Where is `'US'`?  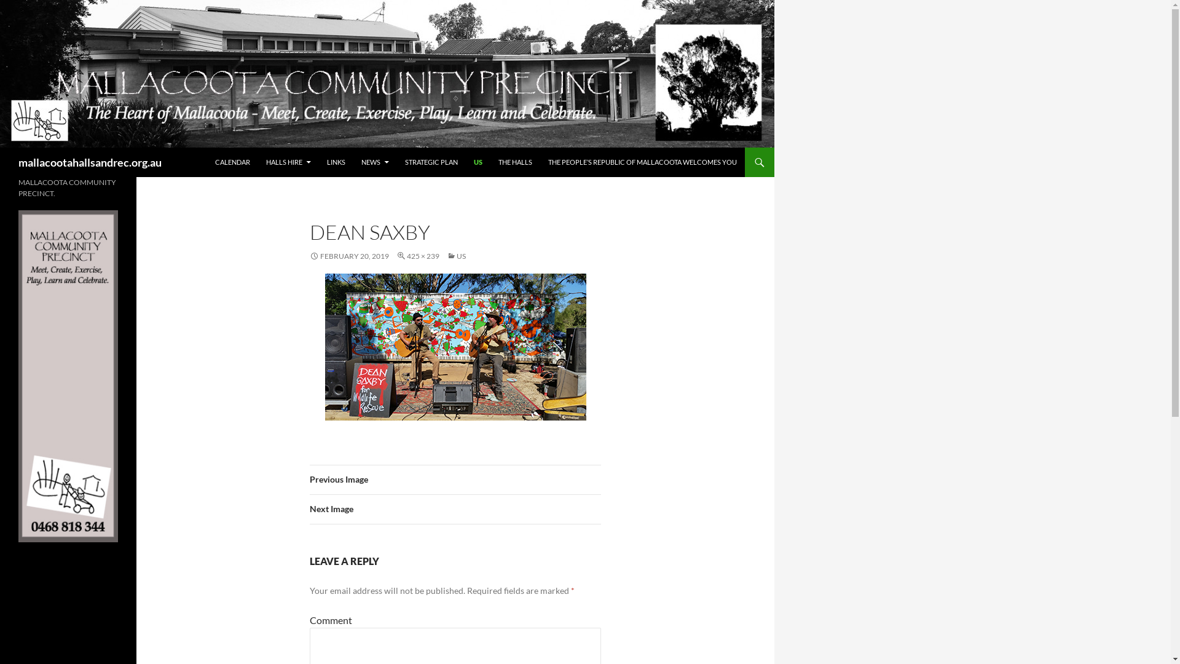 'US' is located at coordinates (455, 255).